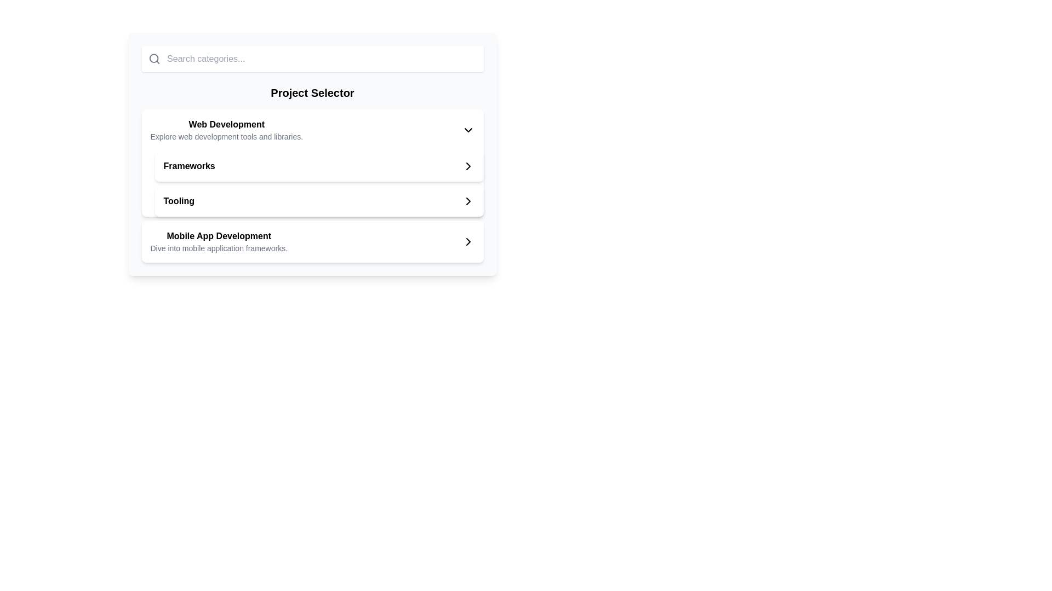  Describe the element at coordinates (312, 130) in the screenshot. I see `the first list item titled 'Web Development' for navigation` at that location.